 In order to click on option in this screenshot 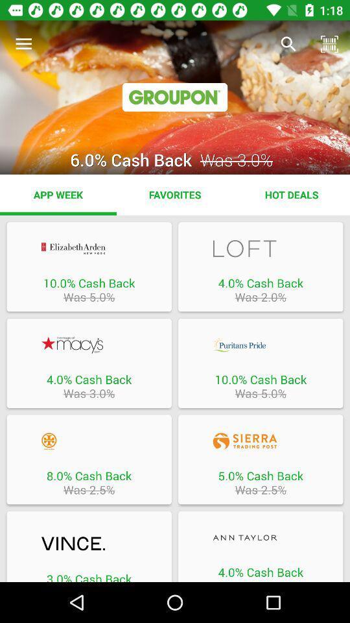, I will do `click(261, 248)`.